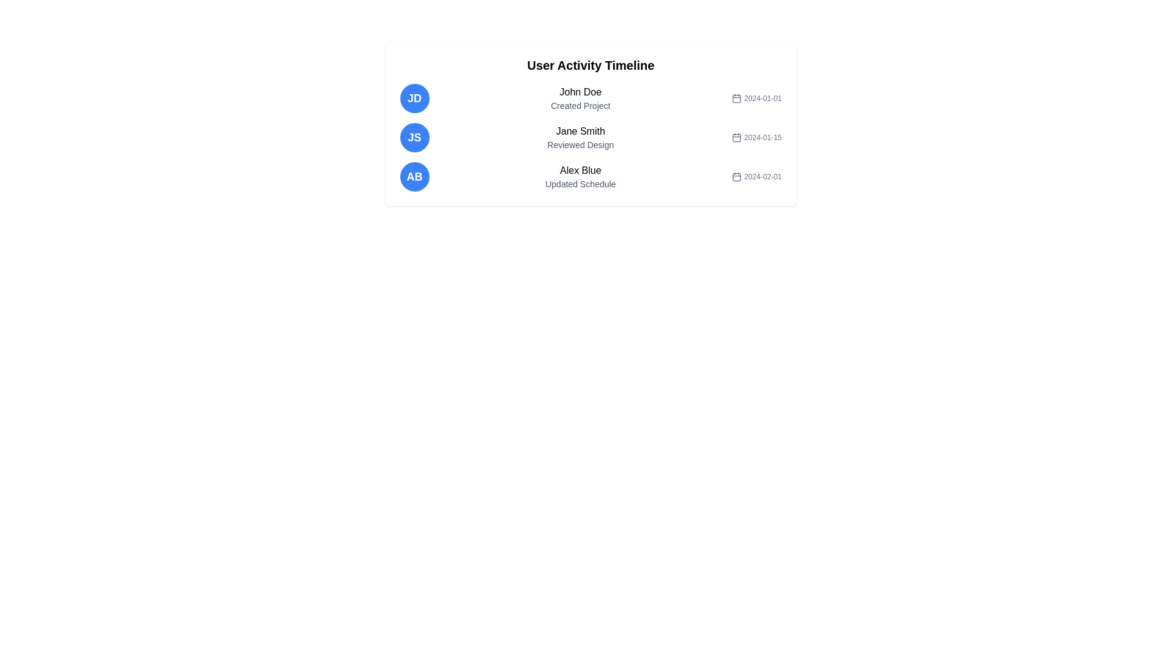 This screenshot has height=661, width=1175. What do you see at coordinates (736, 177) in the screenshot?
I see `the calendar icon located next to the date text '2024-02-01' in the third row of the timeline interface to see details associated with this date` at bounding box center [736, 177].